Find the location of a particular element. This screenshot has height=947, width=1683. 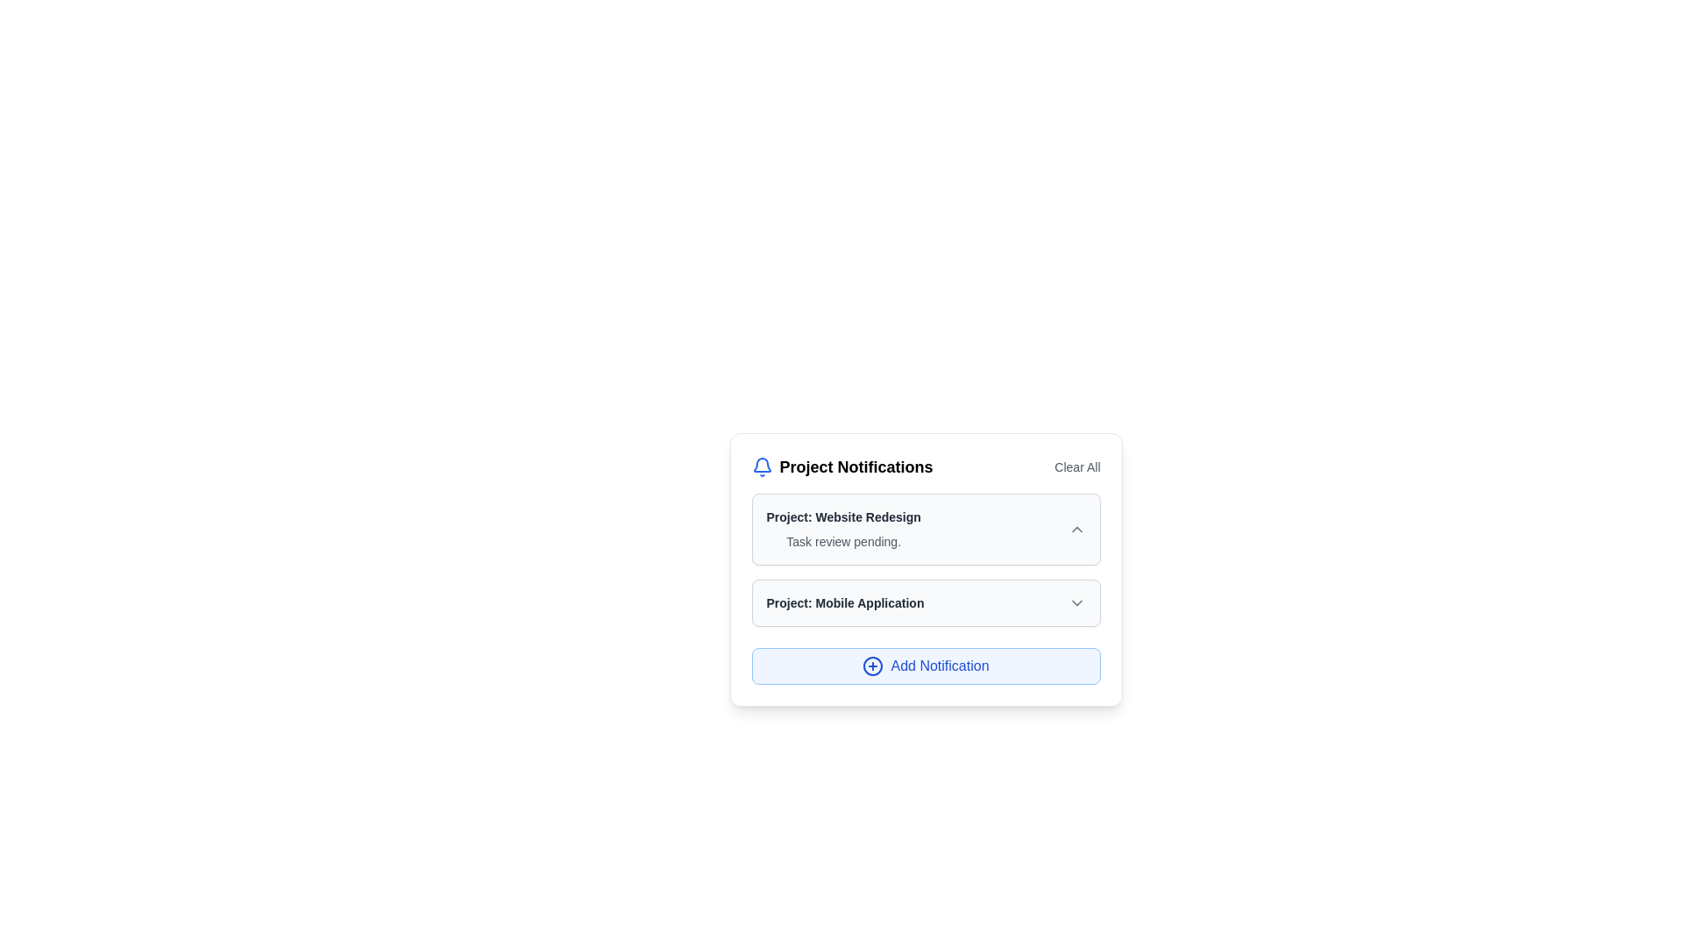

the upward-facing chevron icon button, which is styled gray and located at the upper right corner of the 'Project: Website Redesign' notification block, to change its shade is located at coordinates (1076, 529).